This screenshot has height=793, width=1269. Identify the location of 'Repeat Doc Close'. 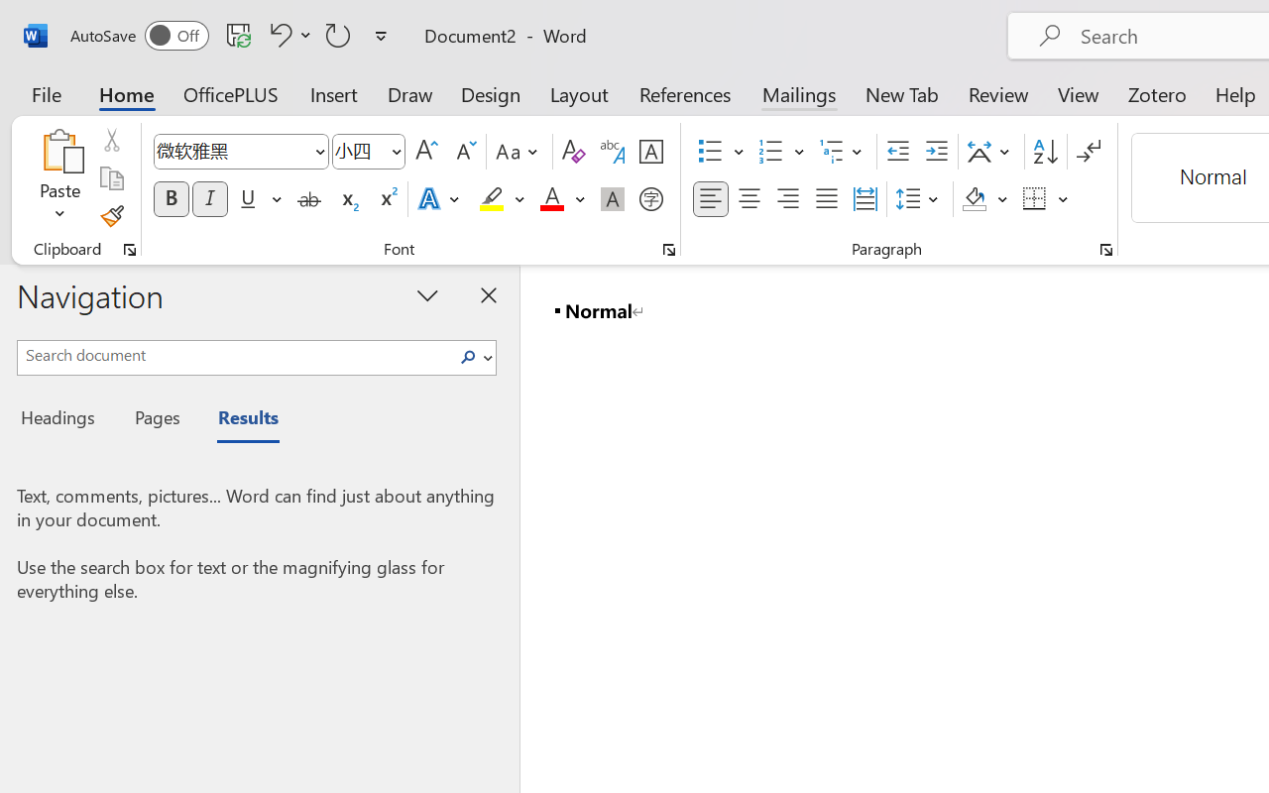
(338, 34).